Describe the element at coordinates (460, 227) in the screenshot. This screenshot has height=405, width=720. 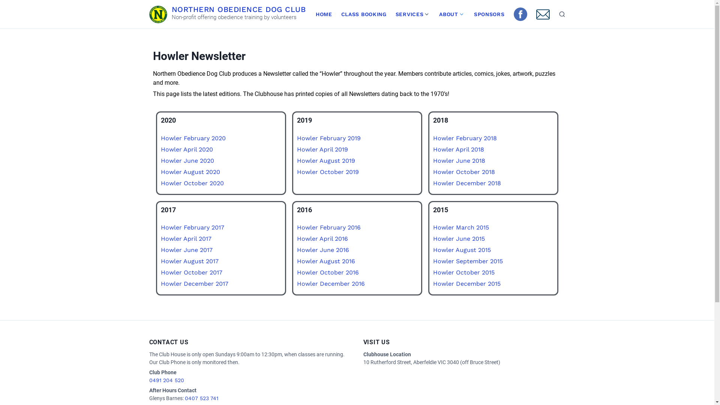
I see `'Howler March 2015'` at that location.